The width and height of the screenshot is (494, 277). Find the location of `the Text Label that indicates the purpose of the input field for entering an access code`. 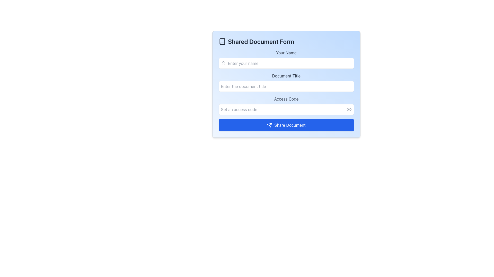

the Text Label that indicates the purpose of the input field for entering an access code is located at coordinates (286, 99).